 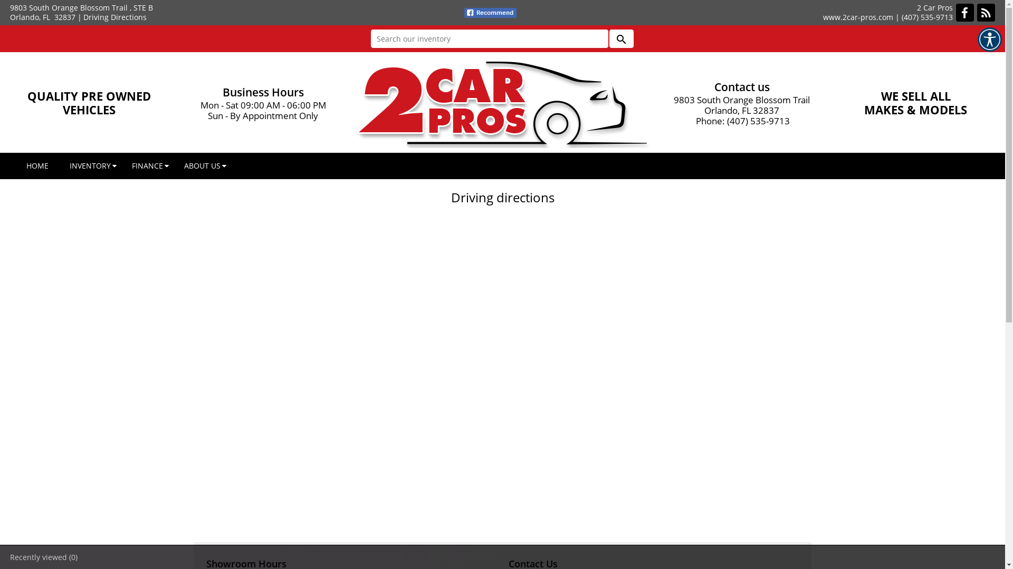 I want to click on '(407) 535-9713', so click(x=926, y=17).